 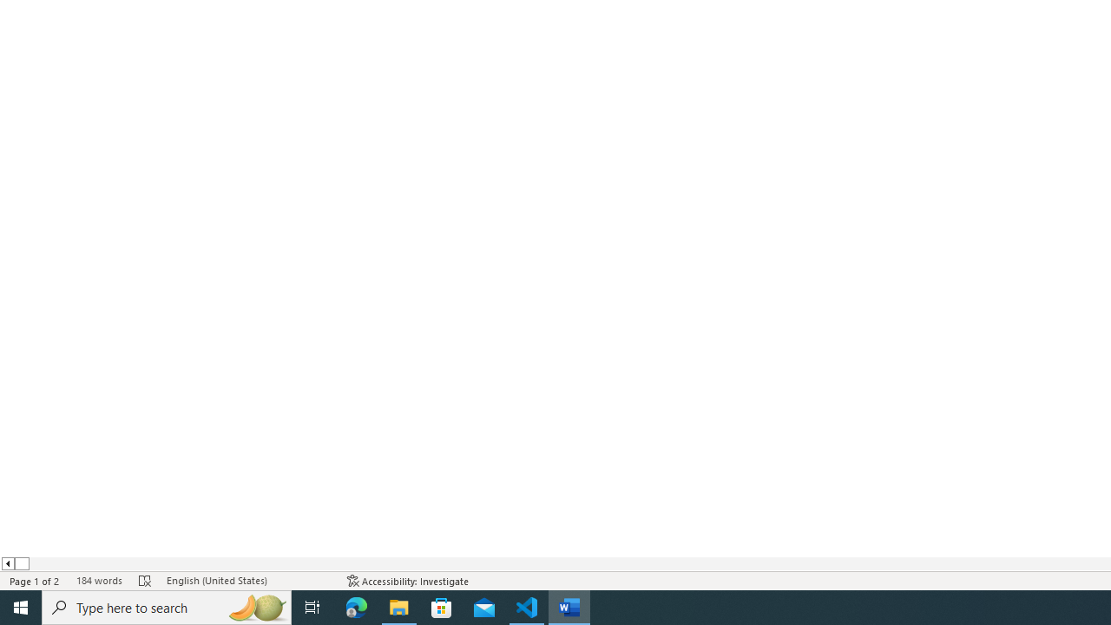 I want to click on 'Column left', so click(x=7, y=563).